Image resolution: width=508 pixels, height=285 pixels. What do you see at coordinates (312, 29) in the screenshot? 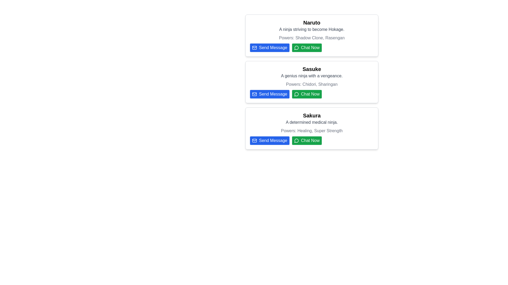
I see `the static text label providing contextual information about the character 'Naruto', which is positioned below the title 'Naruto' and above the 'Powers' text` at bounding box center [312, 29].